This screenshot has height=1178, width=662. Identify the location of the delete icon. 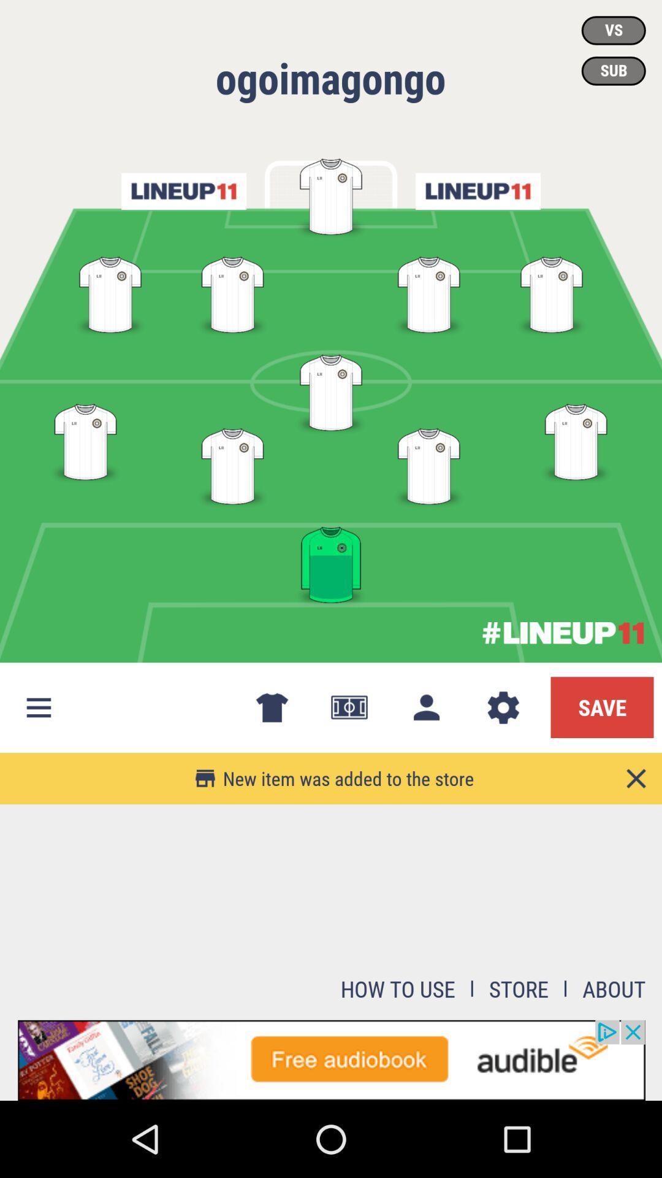
(271, 707).